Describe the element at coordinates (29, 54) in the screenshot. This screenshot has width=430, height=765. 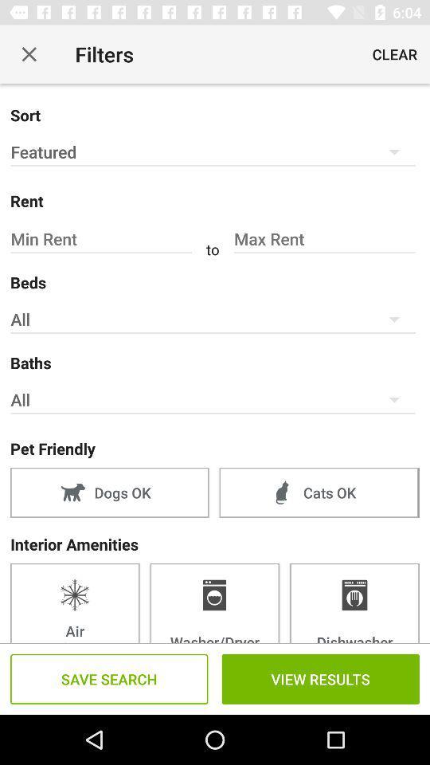
I see `close` at that location.